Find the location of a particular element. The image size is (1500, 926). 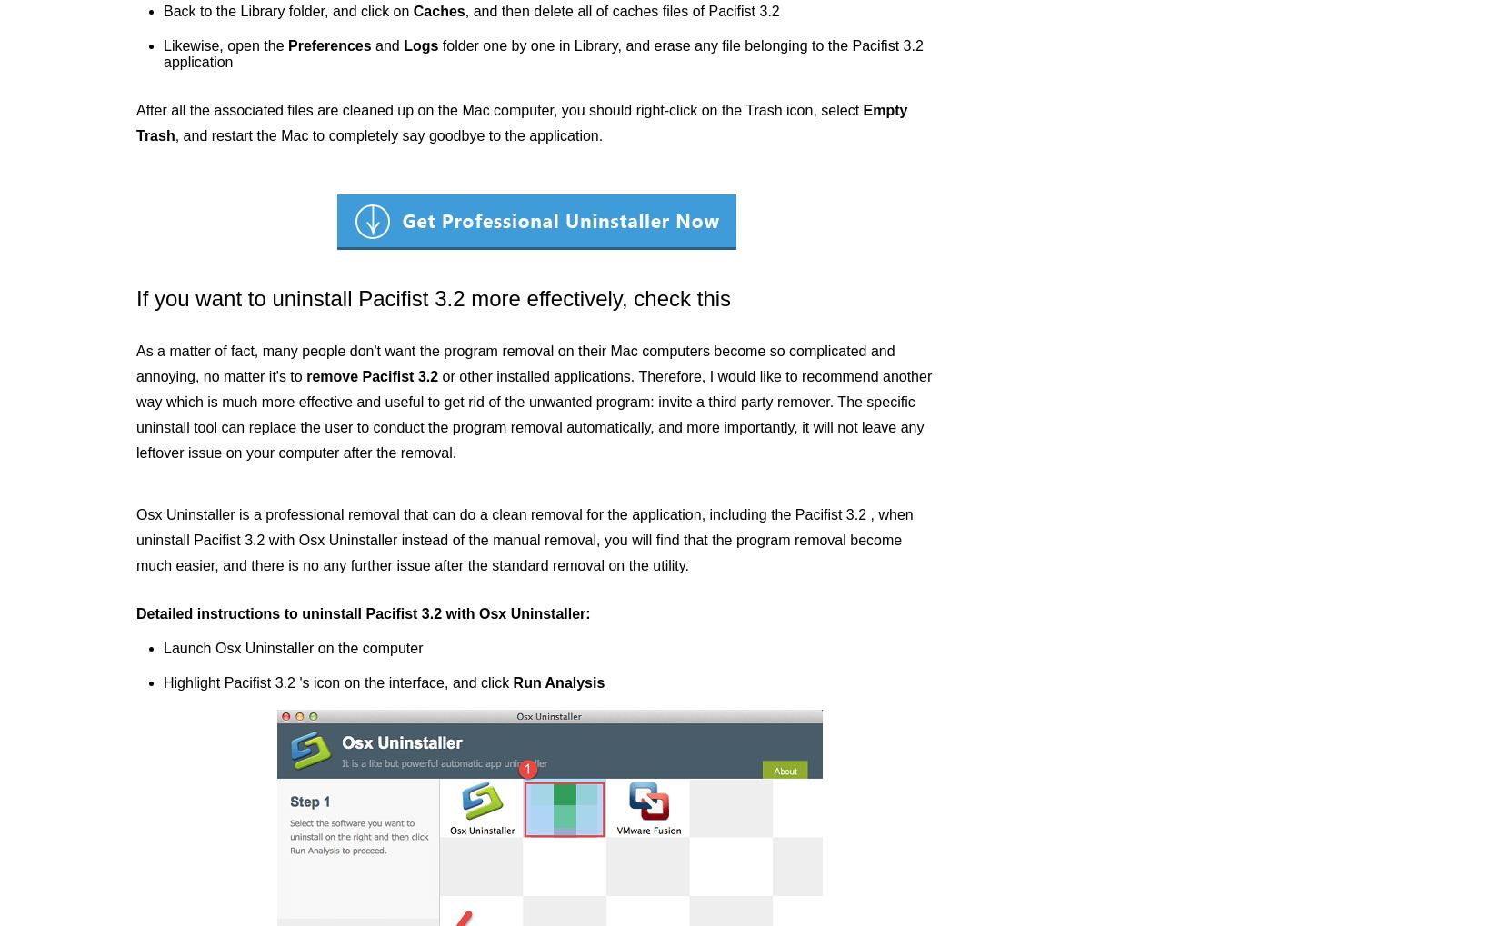

'If you want to uninstall Pacifist 3.2  more effectively, check this' is located at coordinates (433, 298).